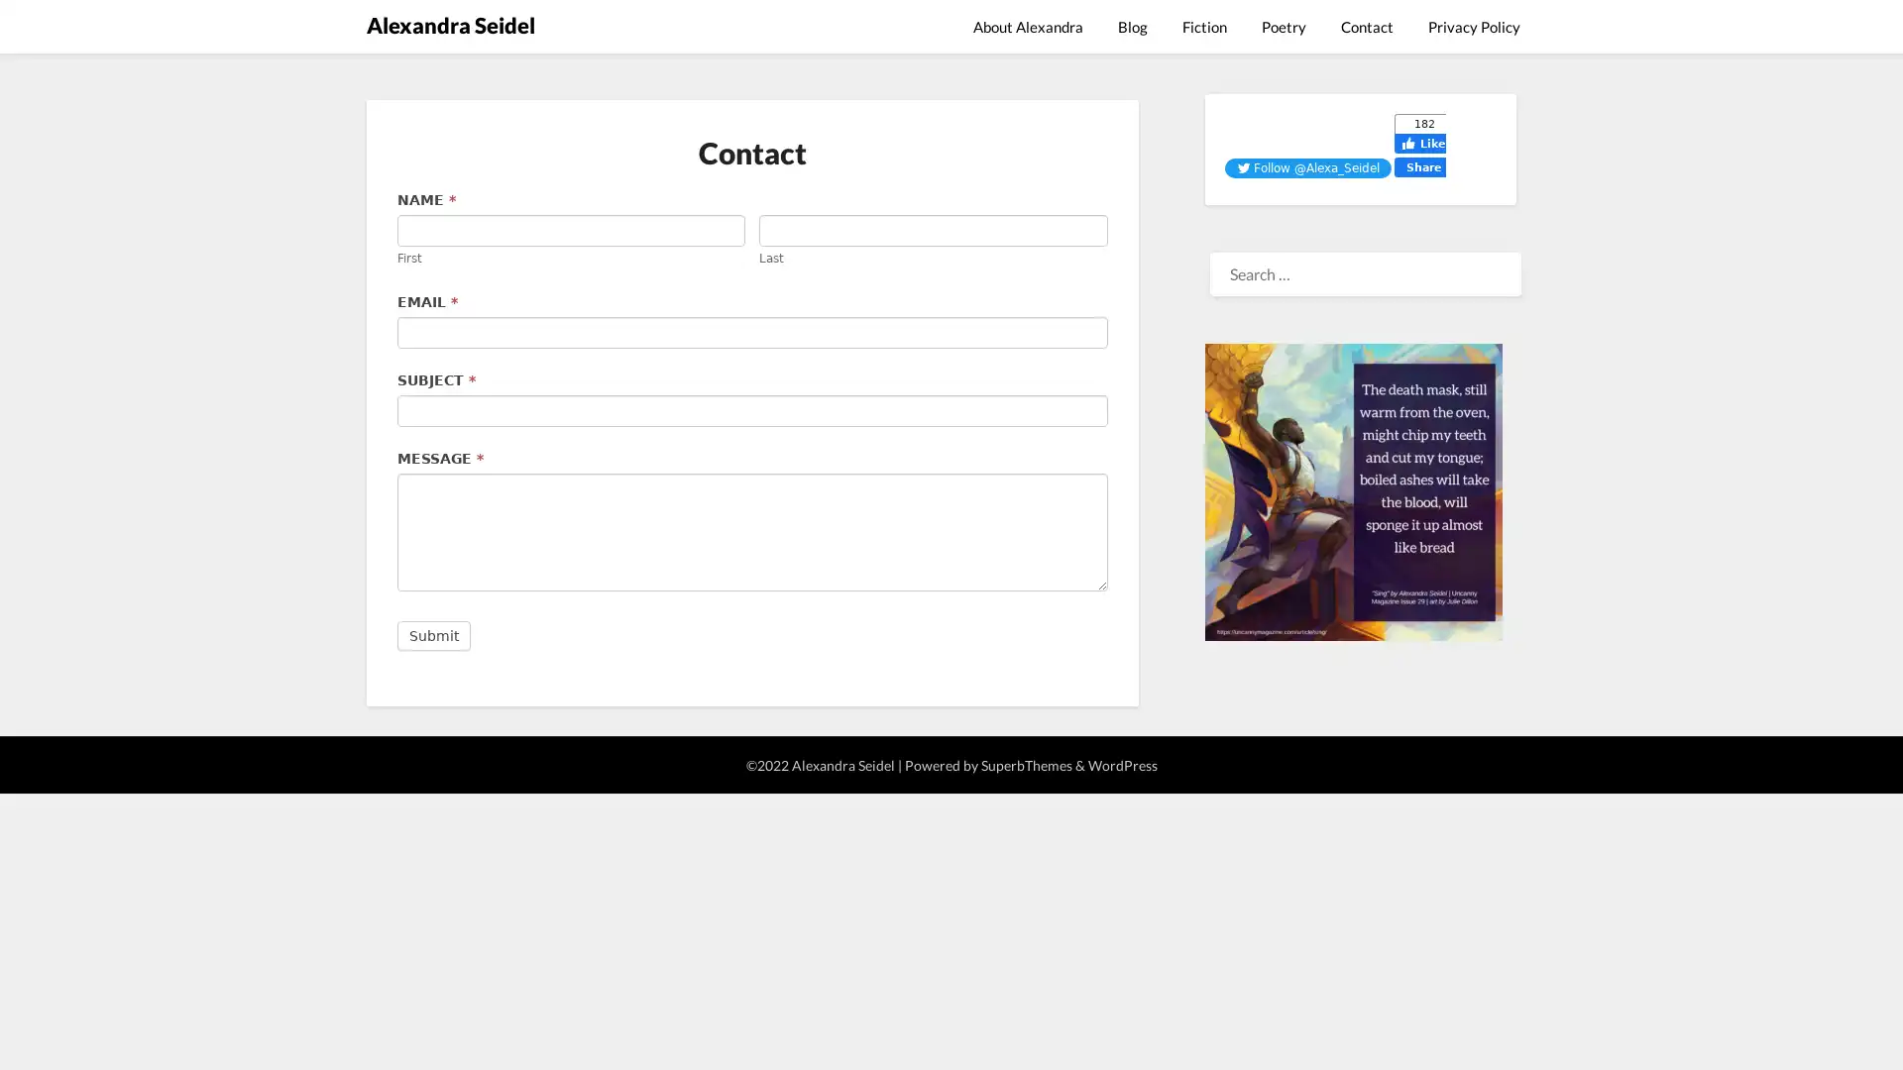  Describe the element at coordinates (432, 634) in the screenshot. I see `Submit` at that location.